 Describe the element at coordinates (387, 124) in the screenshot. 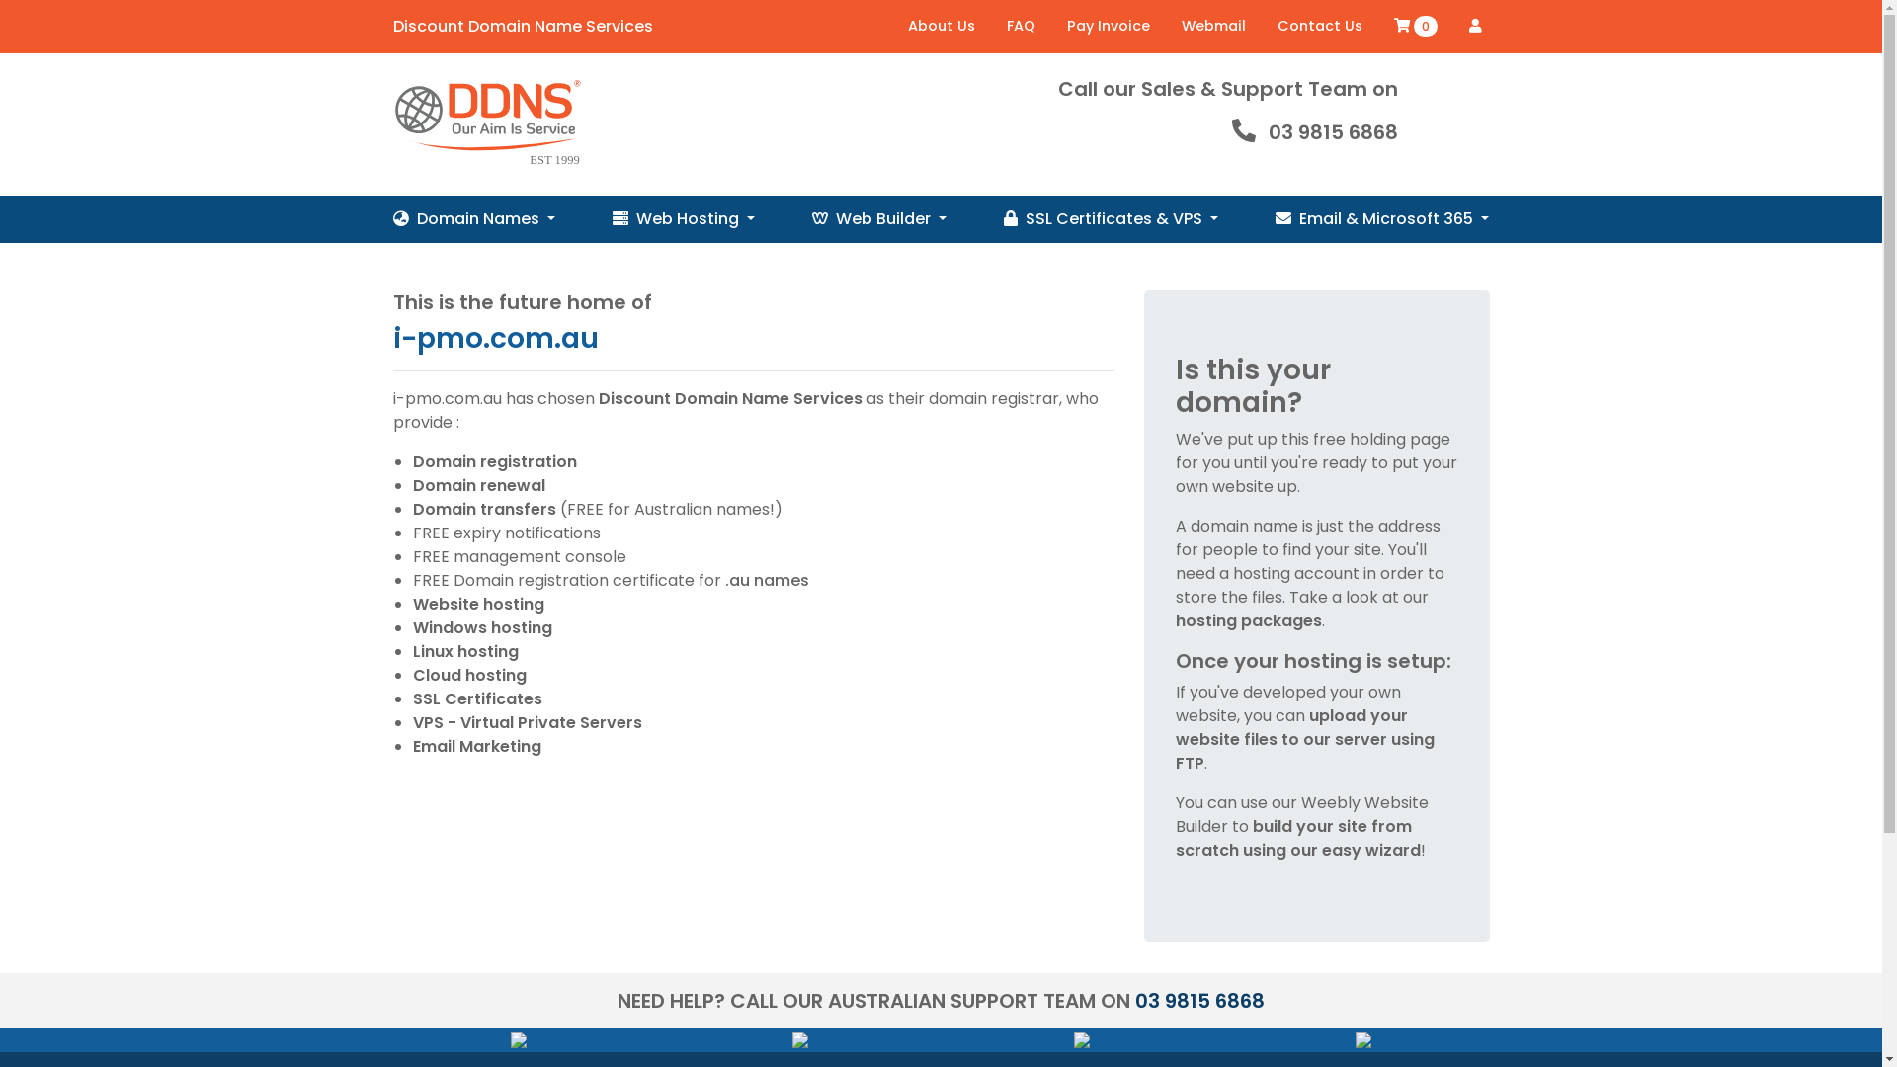

I see `'Discount Domain Name Services'` at that location.